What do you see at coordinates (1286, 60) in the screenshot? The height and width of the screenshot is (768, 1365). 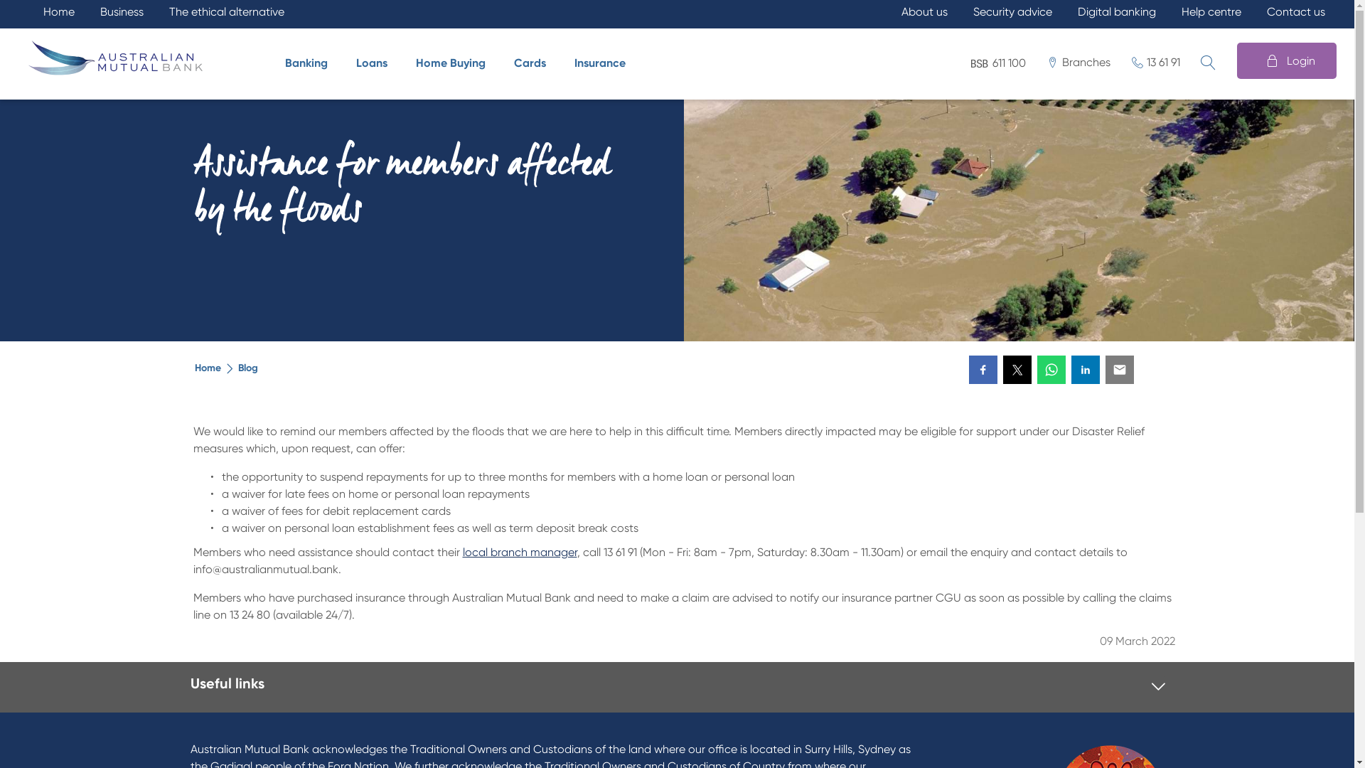 I see `'Login'` at bounding box center [1286, 60].